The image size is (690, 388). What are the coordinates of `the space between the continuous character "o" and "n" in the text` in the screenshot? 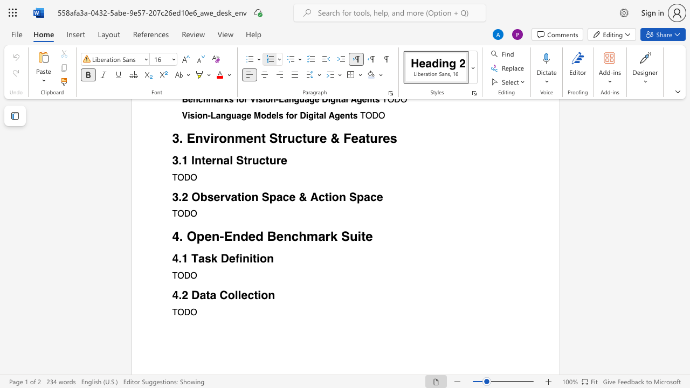 It's located at (268, 295).